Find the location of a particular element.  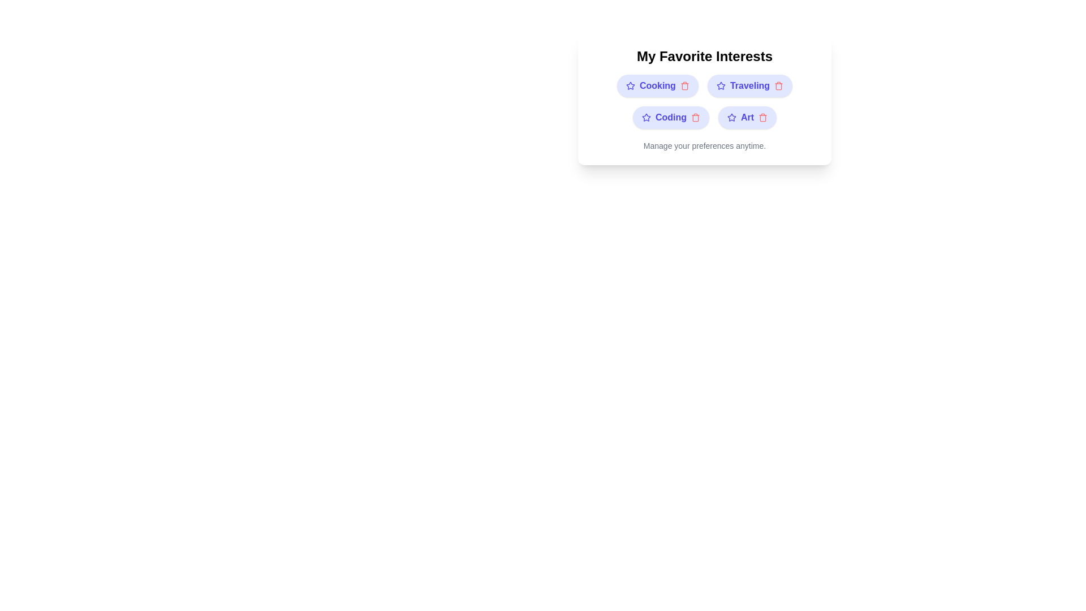

the star icon associated with the interest Art is located at coordinates (731, 118).